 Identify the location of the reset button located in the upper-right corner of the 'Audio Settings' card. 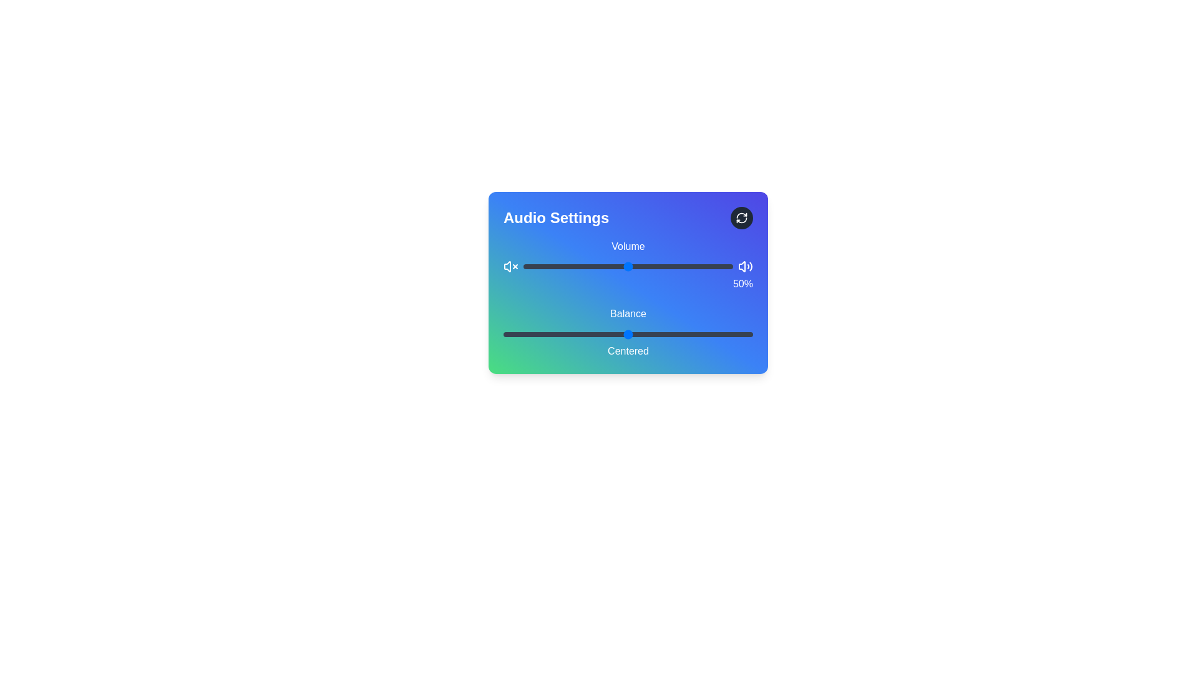
(742, 217).